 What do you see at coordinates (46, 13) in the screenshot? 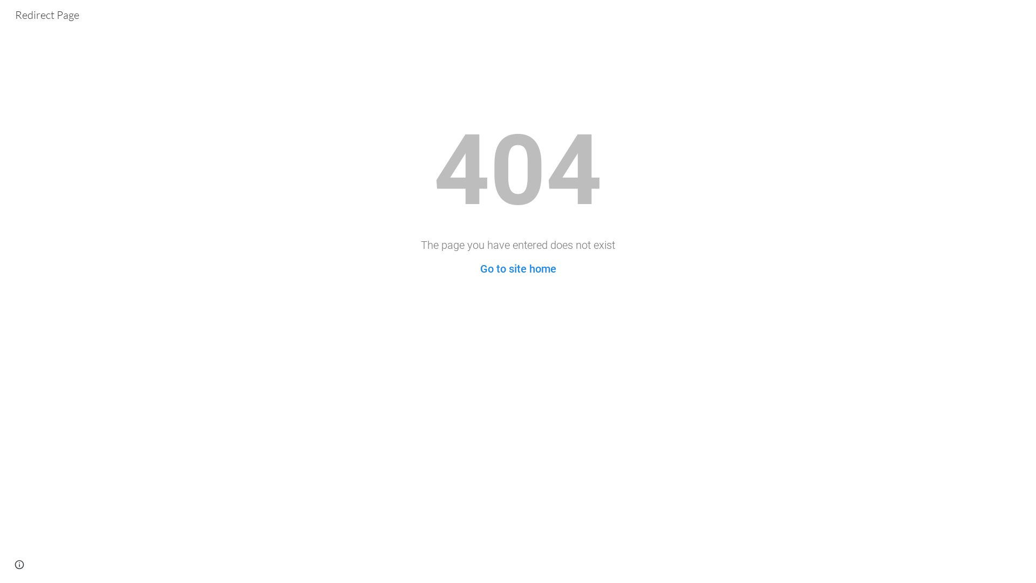
I see `'Redirect Page'` at bounding box center [46, 13].